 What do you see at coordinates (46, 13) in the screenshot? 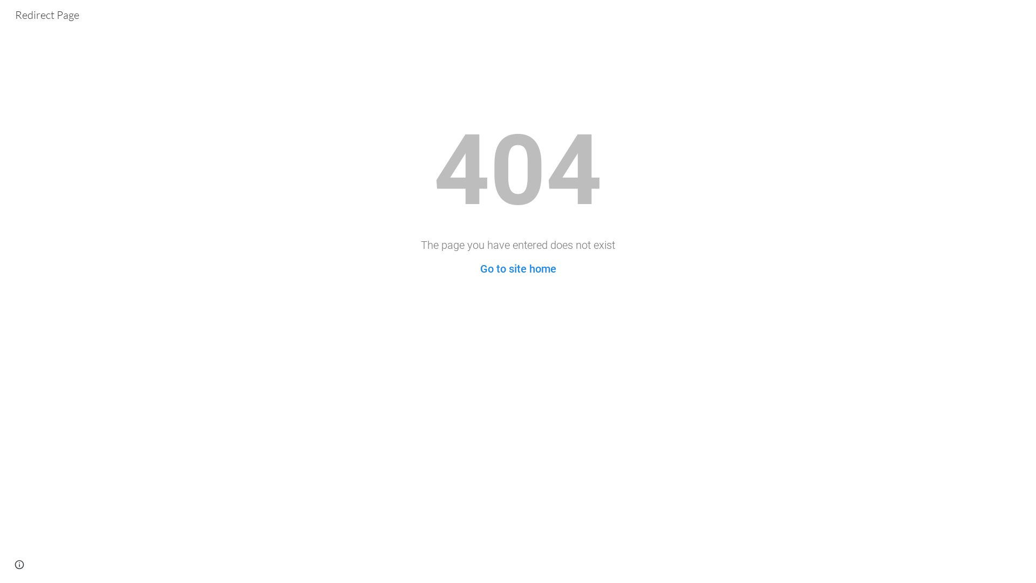
I see `'Redirect Page'` at bounding box center [46, 13].